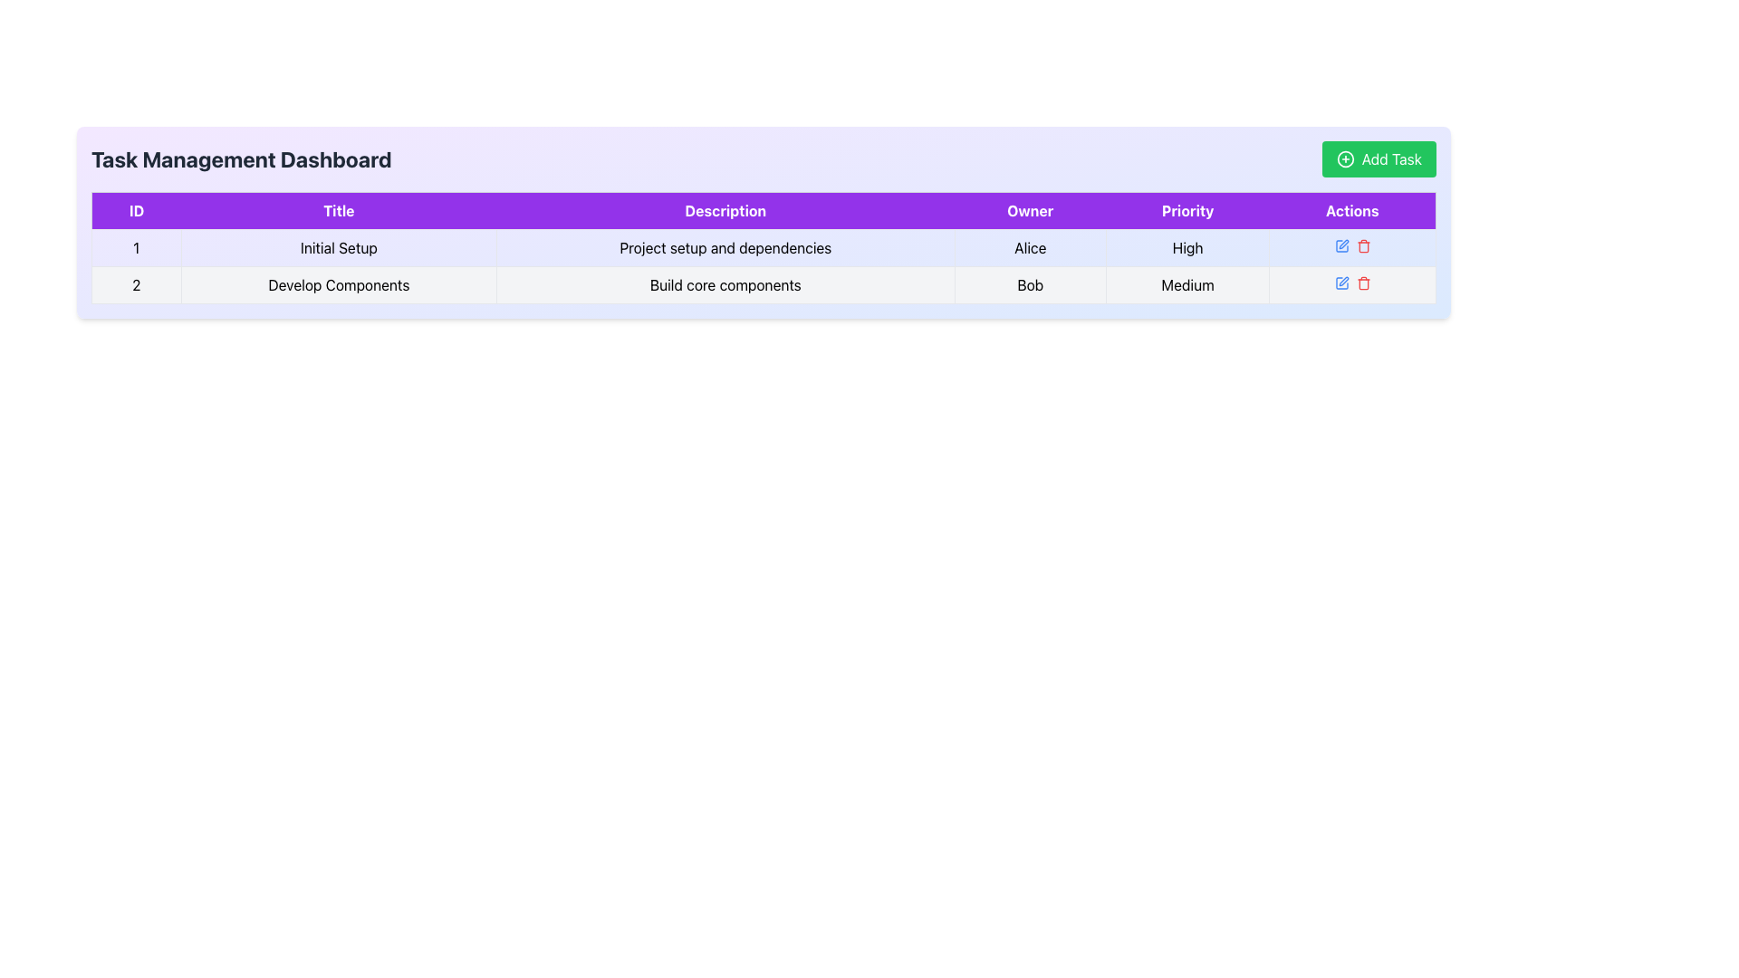 This screenshot has width=1739, height=978. What do you see at coordinates (135, 247) in the screenshot?
I see `the first cell in the 'ID' column of the table, which serves as the unique identifier for the first item` at bounding box center [135, 247].